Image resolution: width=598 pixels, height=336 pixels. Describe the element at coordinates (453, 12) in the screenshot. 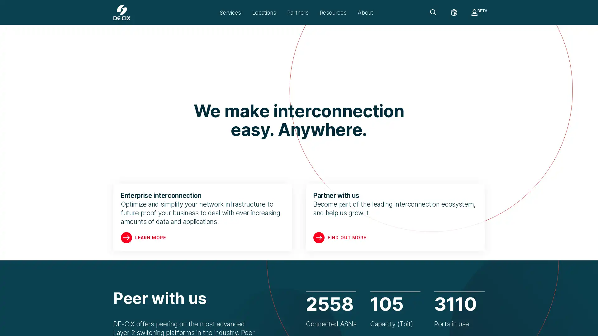

I see `Language` at that location.